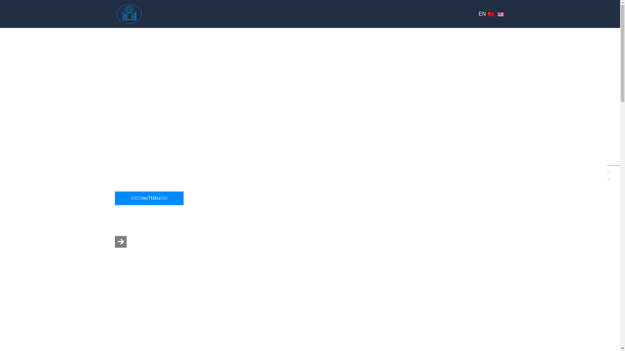  Describe the element at coordinates (482, 14) in the screenshot. I see `'EN'` at that location.